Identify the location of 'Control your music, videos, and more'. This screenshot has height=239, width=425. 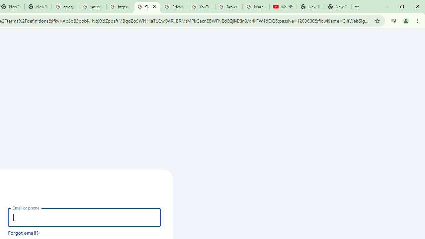
(393, 20).